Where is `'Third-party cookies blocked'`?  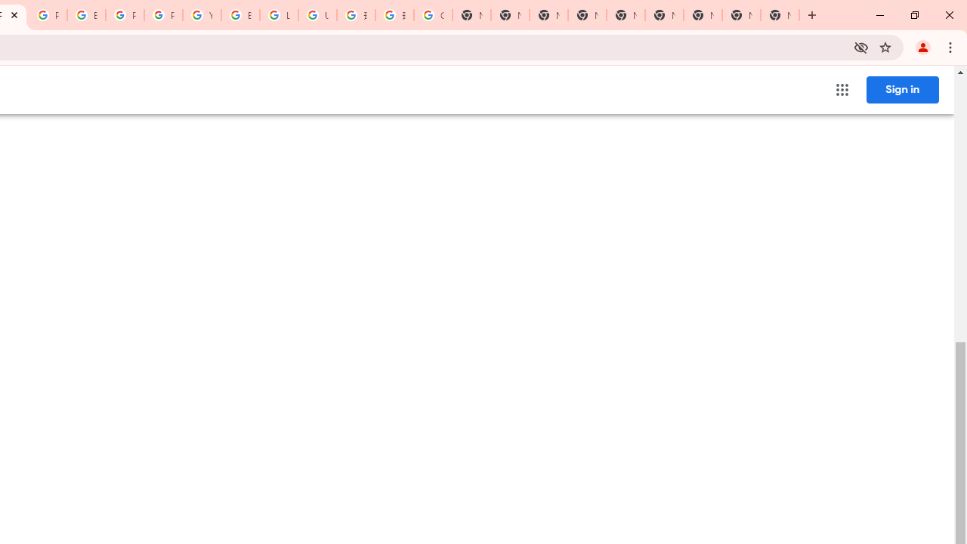 'Third-party cookies blocked' is located at coordinates (860, 46).